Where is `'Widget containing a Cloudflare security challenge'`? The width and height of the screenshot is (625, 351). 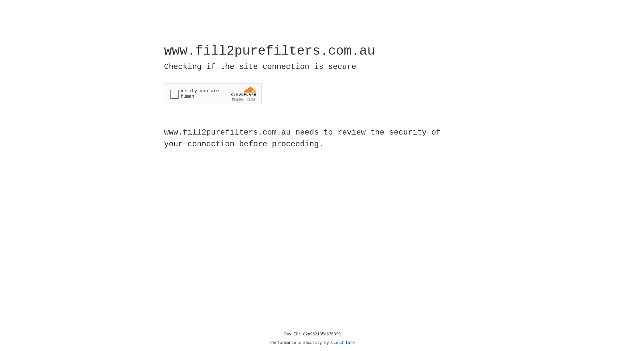
'Widget containing a Cloudflare security challenge' is located at coordinates (213, 94).